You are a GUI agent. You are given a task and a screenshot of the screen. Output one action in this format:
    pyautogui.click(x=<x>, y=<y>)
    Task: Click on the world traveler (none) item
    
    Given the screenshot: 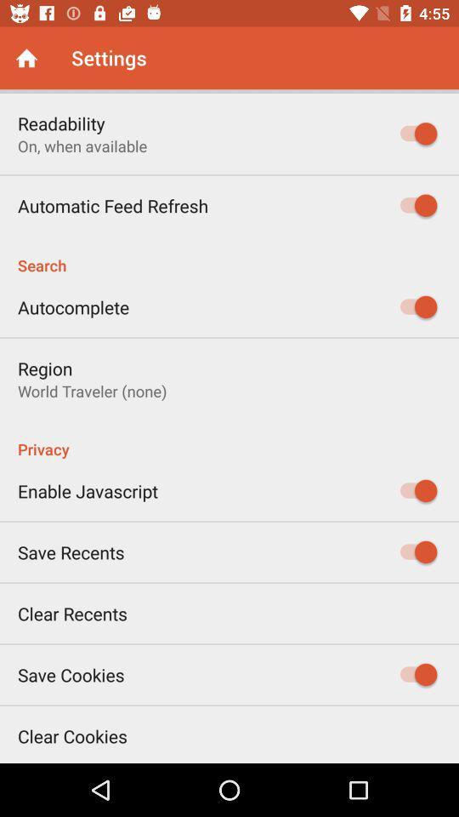 What is the action you would take?
    pyautogui.click(x=92, y=391)
    